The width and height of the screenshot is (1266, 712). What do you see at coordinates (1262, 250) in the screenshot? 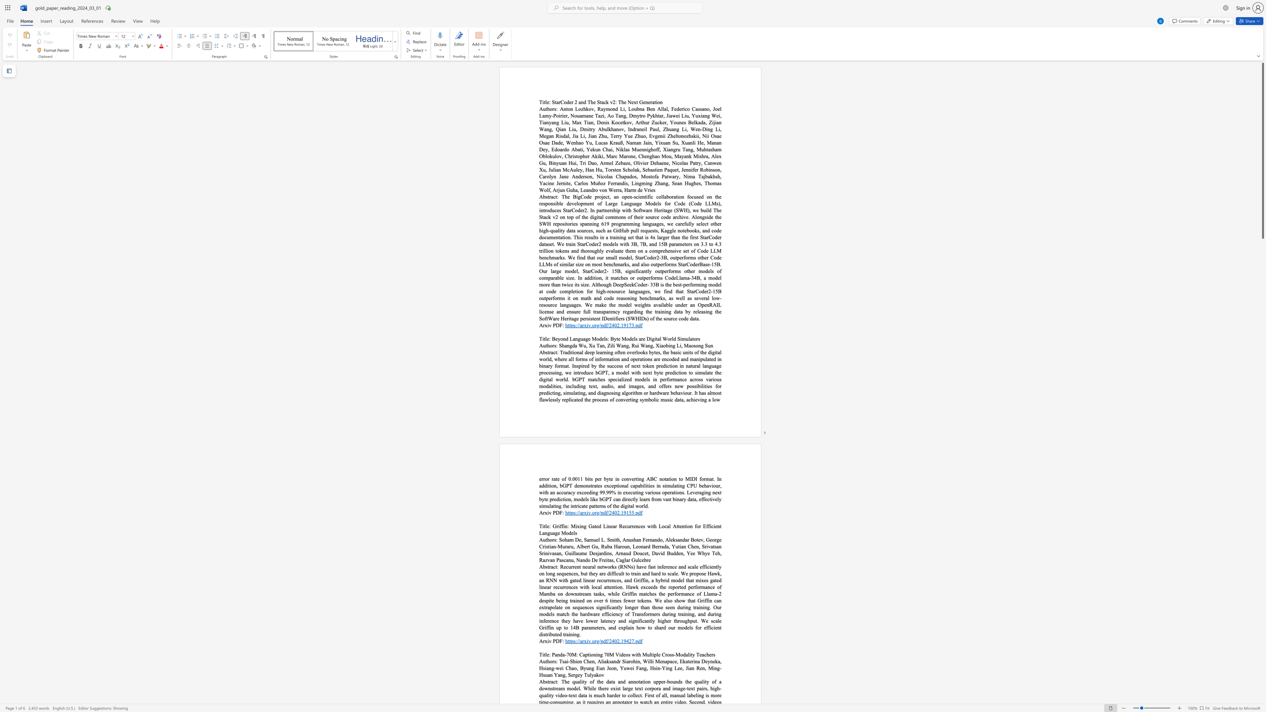
I see `the scrollbar to move the content lower` at bounding box center [1262, 250].